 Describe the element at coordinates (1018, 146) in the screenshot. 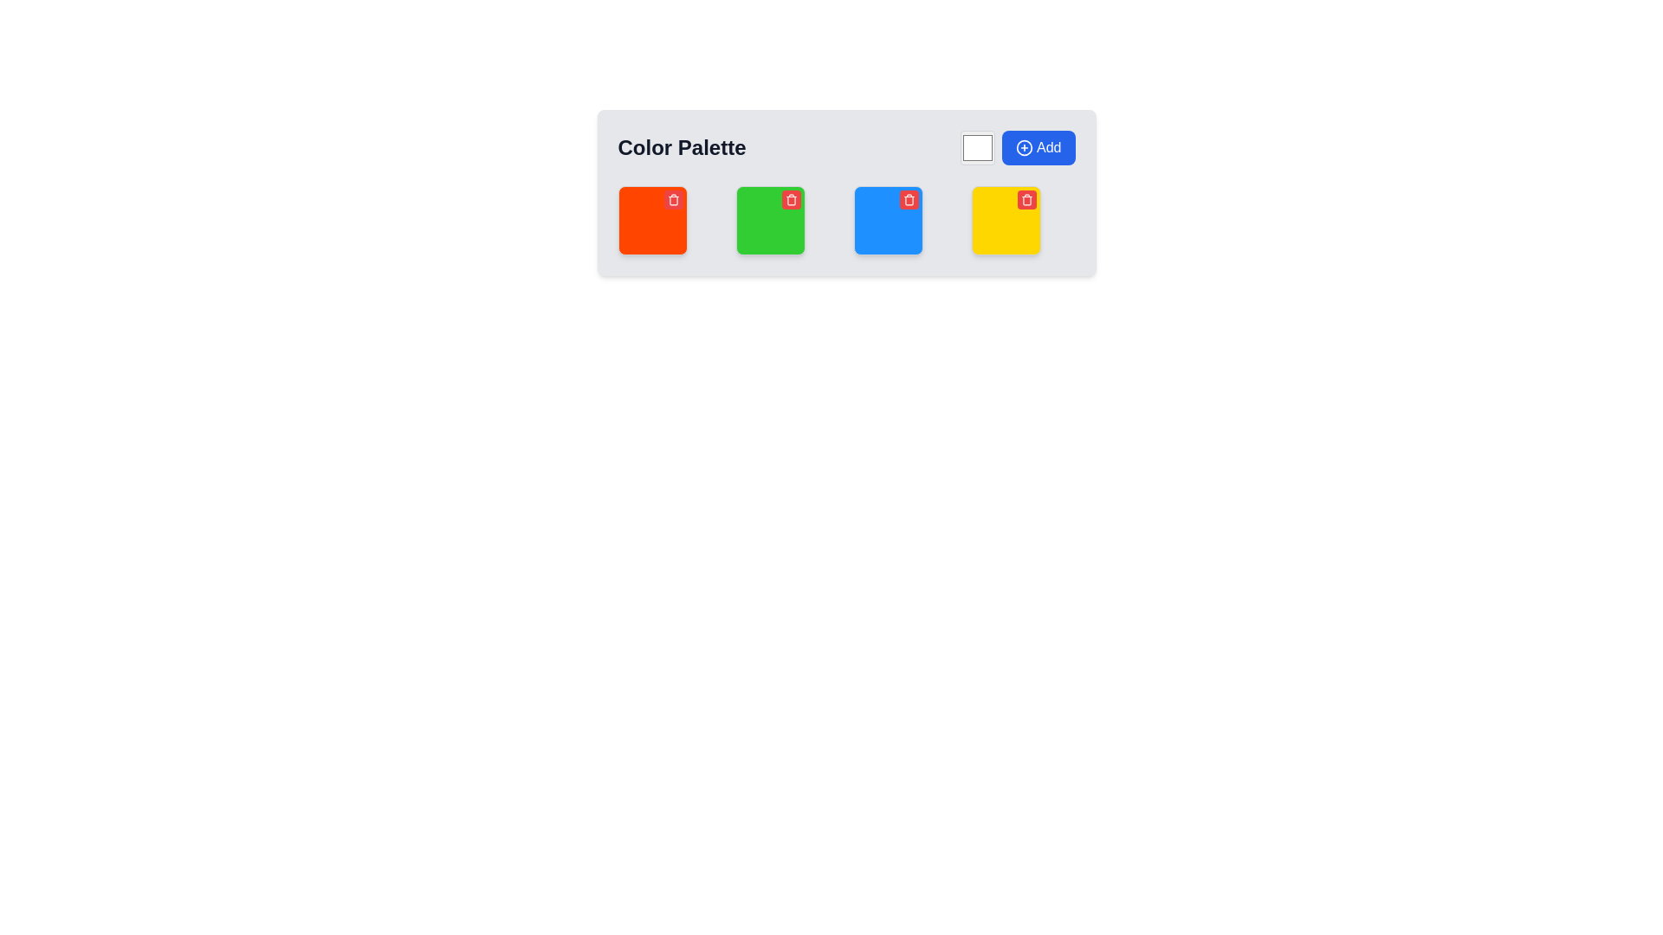

I see `the button located in the 'Color Palette' section, positioned far right and immediately to the right of a square white color box` at that location.